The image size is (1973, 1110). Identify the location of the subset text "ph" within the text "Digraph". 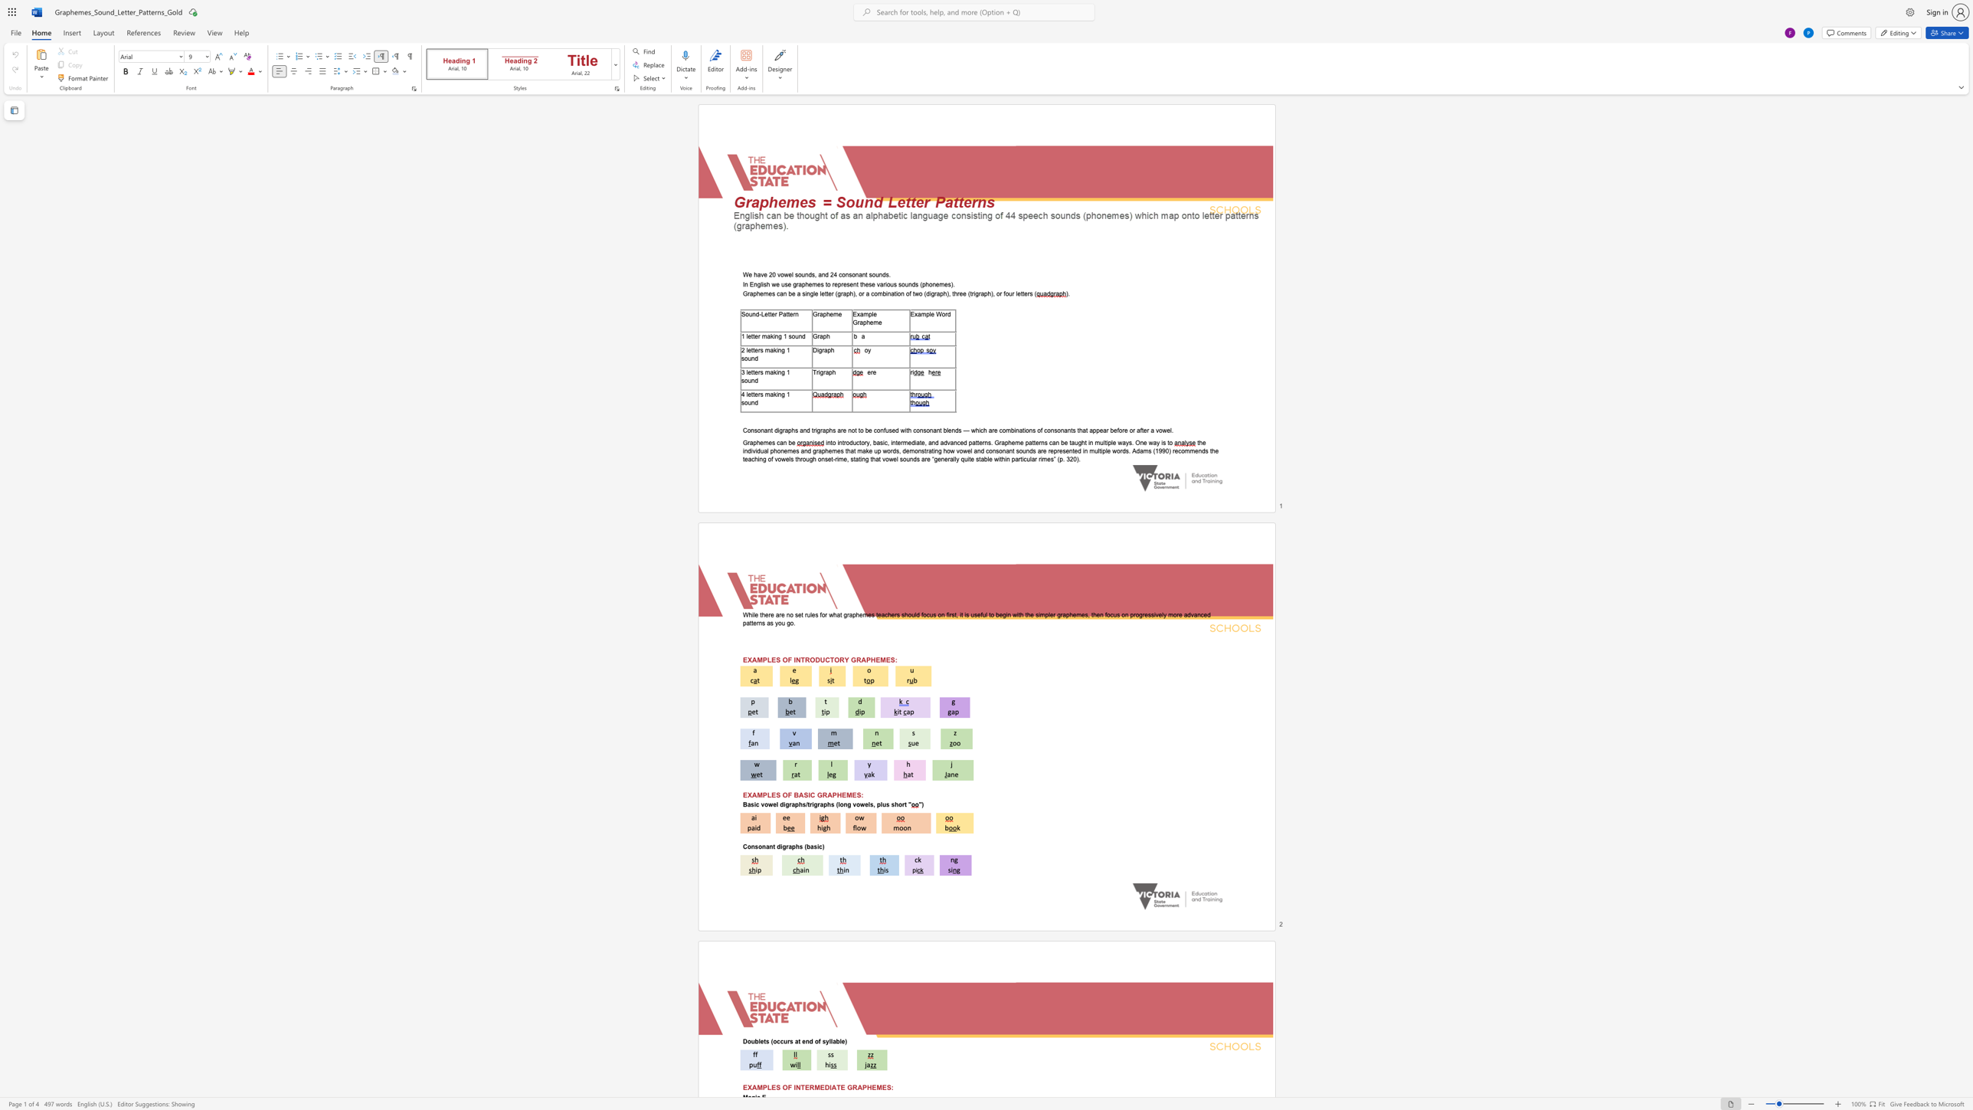
(827, 349).